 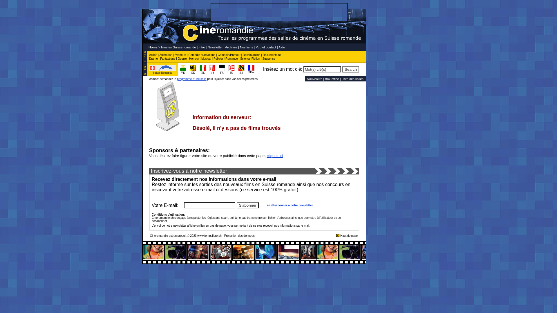 What do you see at coordinates (174, 55) in the screenshot?
I see `'Aventure'` at bounding box center [174, 55].